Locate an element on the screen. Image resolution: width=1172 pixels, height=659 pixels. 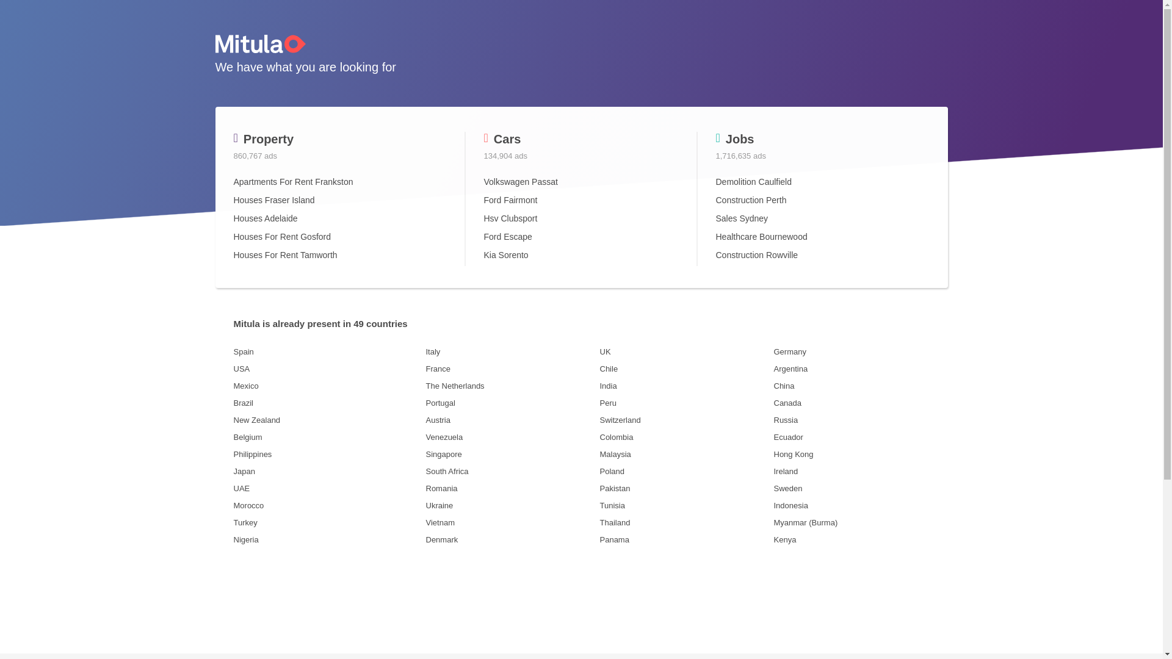
'Ford Fairmont' is located at coordinates (483, 199).